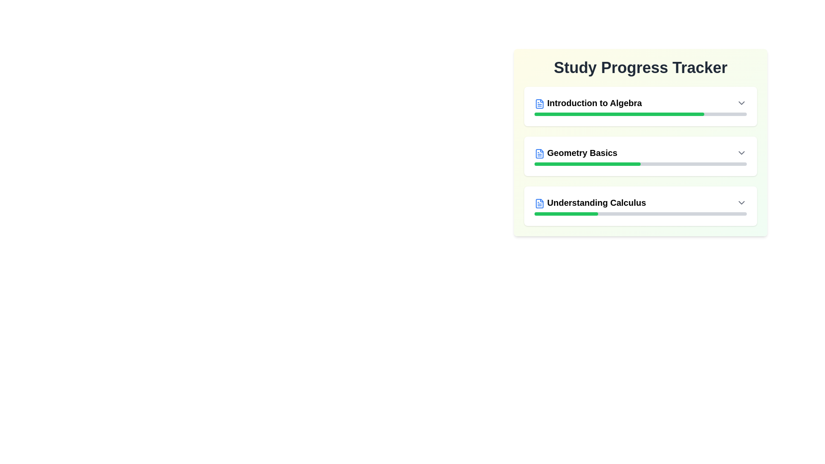 The width and height of the screenshot is (825, 464). What do you see at coordinates (576, 152) in the screenshot?
I see `the 'Geometry Basics' text label, which is a bold, black, large-sized title in the 'Study Progress Tracker' section, positioned between 'Introduction to Algebra' and 'Understanding Calculus'` at bounding box center [576, 152].